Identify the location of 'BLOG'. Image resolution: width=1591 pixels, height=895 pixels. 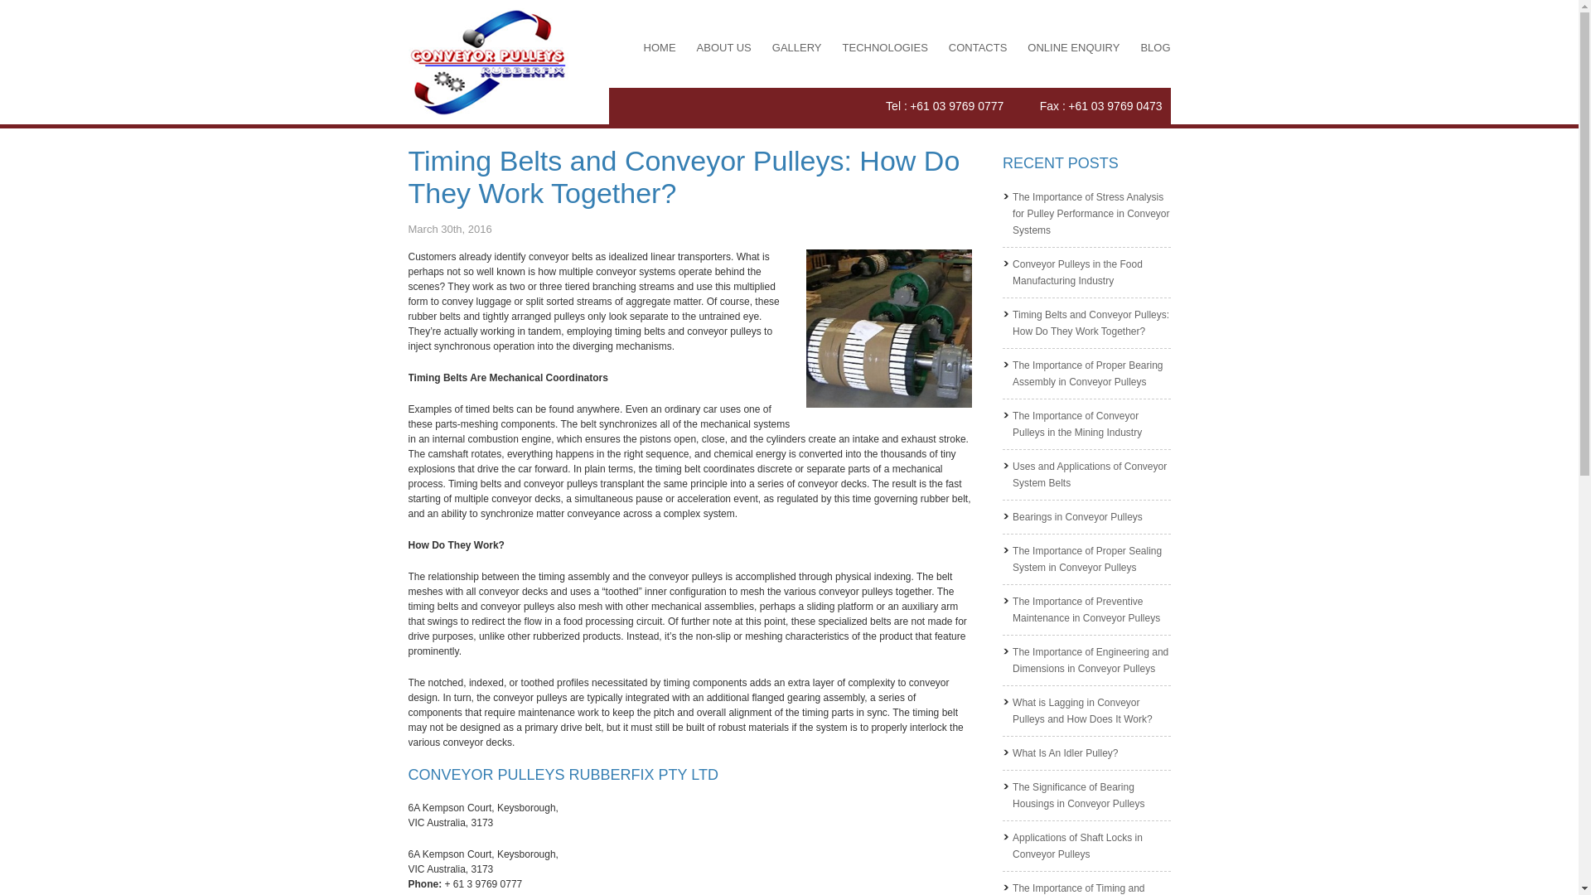
(1153, 46).